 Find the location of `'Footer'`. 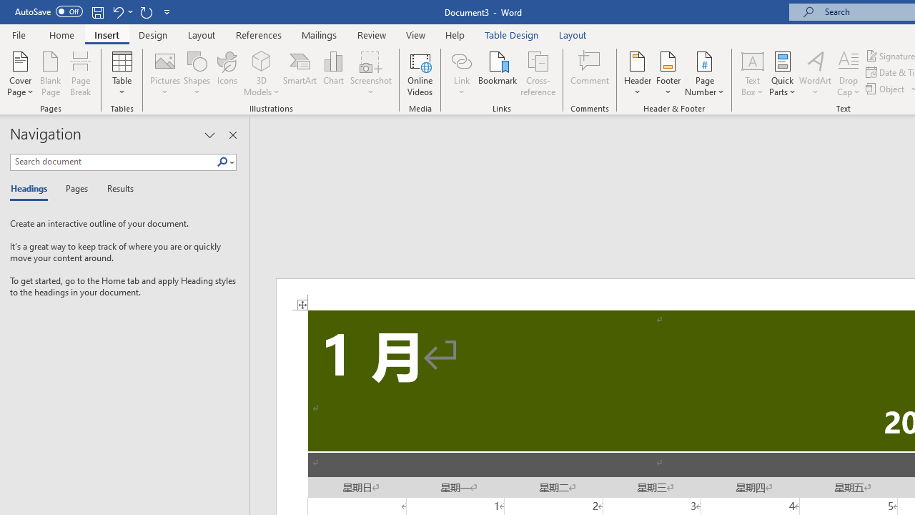

'Footer' is located at coordinates (668, 74).